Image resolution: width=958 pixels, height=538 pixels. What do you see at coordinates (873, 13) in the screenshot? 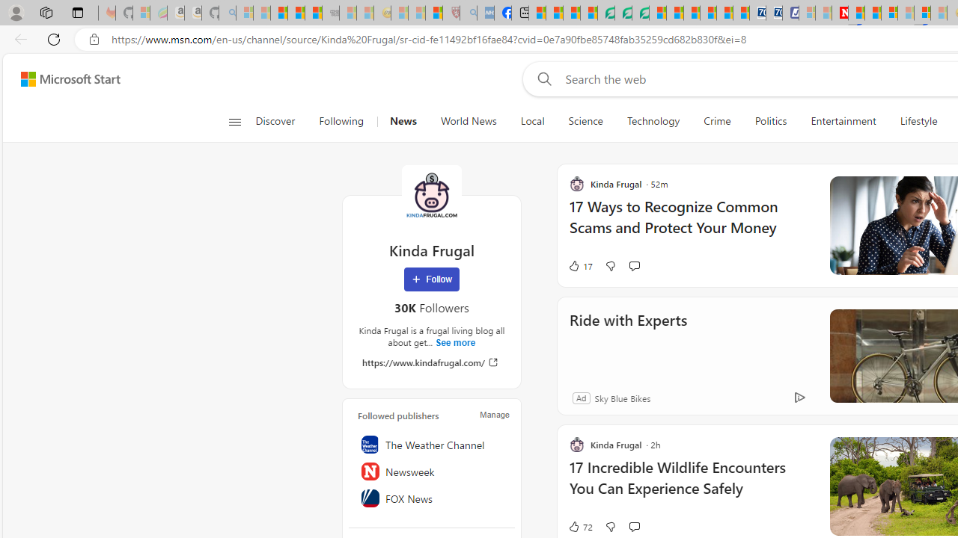
I see `'14 Common Myths Debunked By Scientific Facts'` at bounding box center [873, 13].